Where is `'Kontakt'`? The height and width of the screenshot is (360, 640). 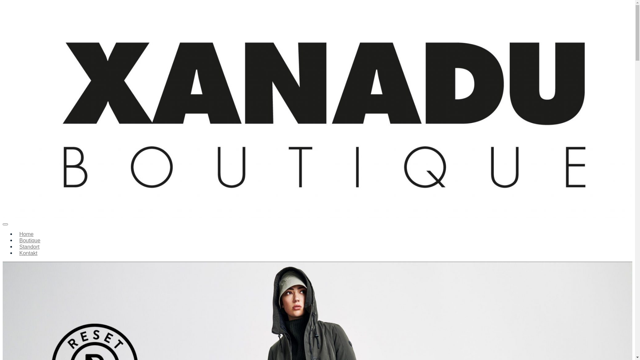 'Kontakt' is located at coordinates (28, 253).